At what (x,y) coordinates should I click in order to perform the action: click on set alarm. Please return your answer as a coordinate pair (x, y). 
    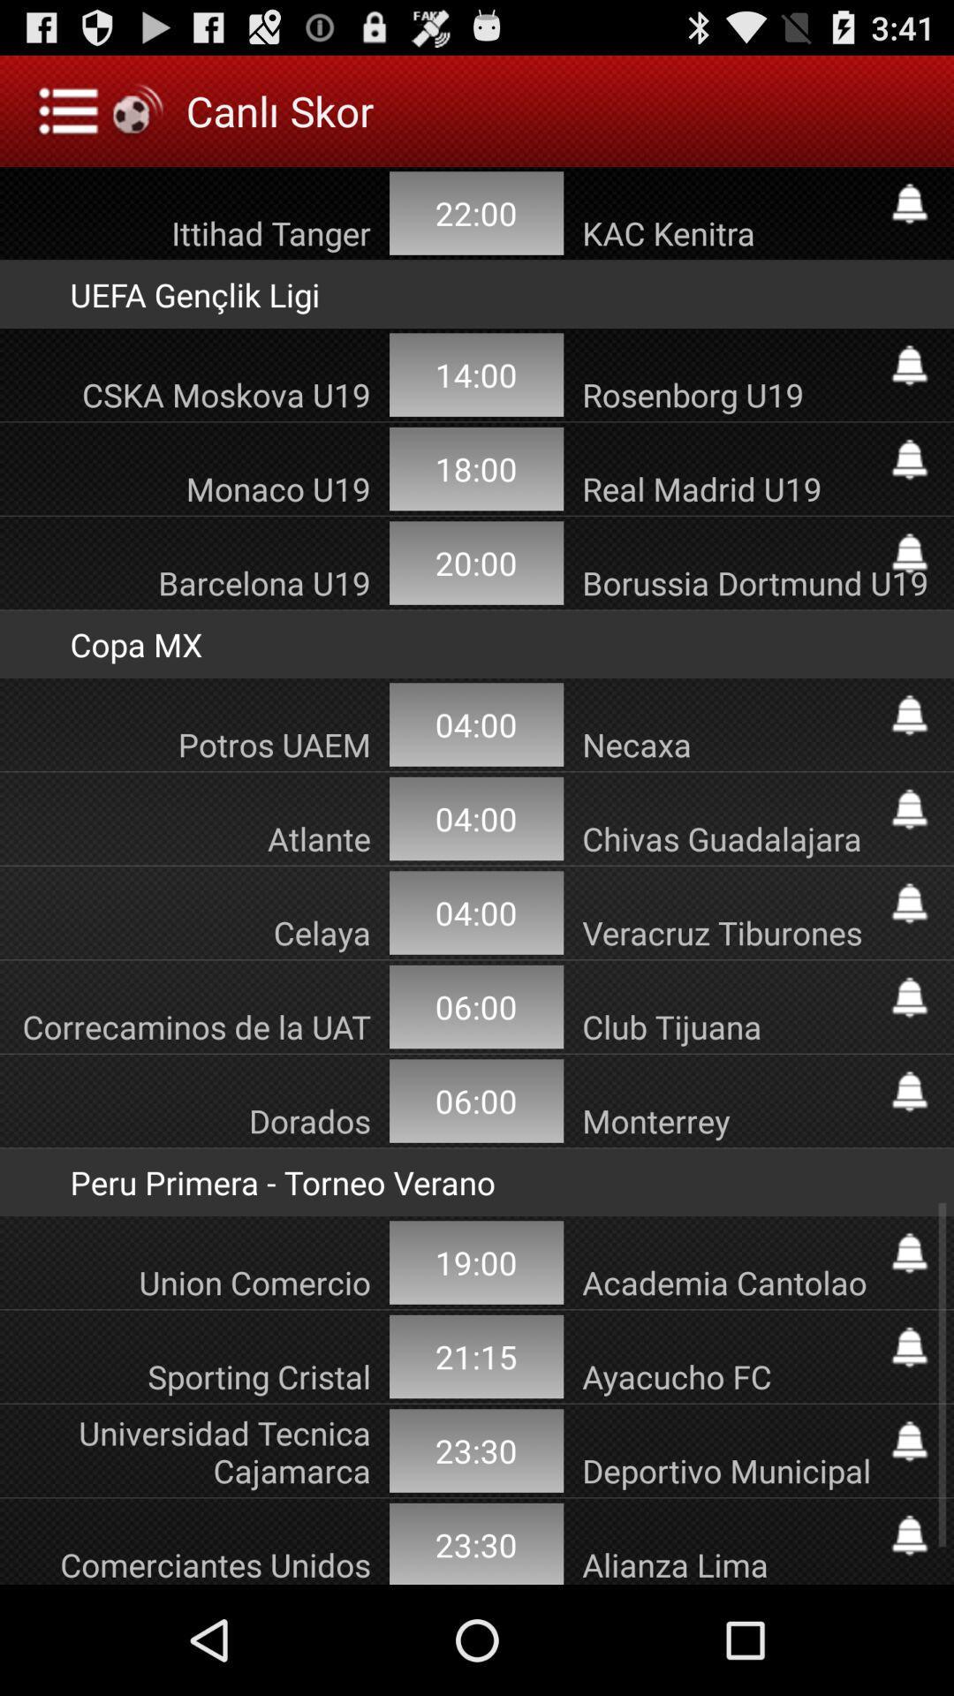
    Looking at the image, I should click on (909, 715).